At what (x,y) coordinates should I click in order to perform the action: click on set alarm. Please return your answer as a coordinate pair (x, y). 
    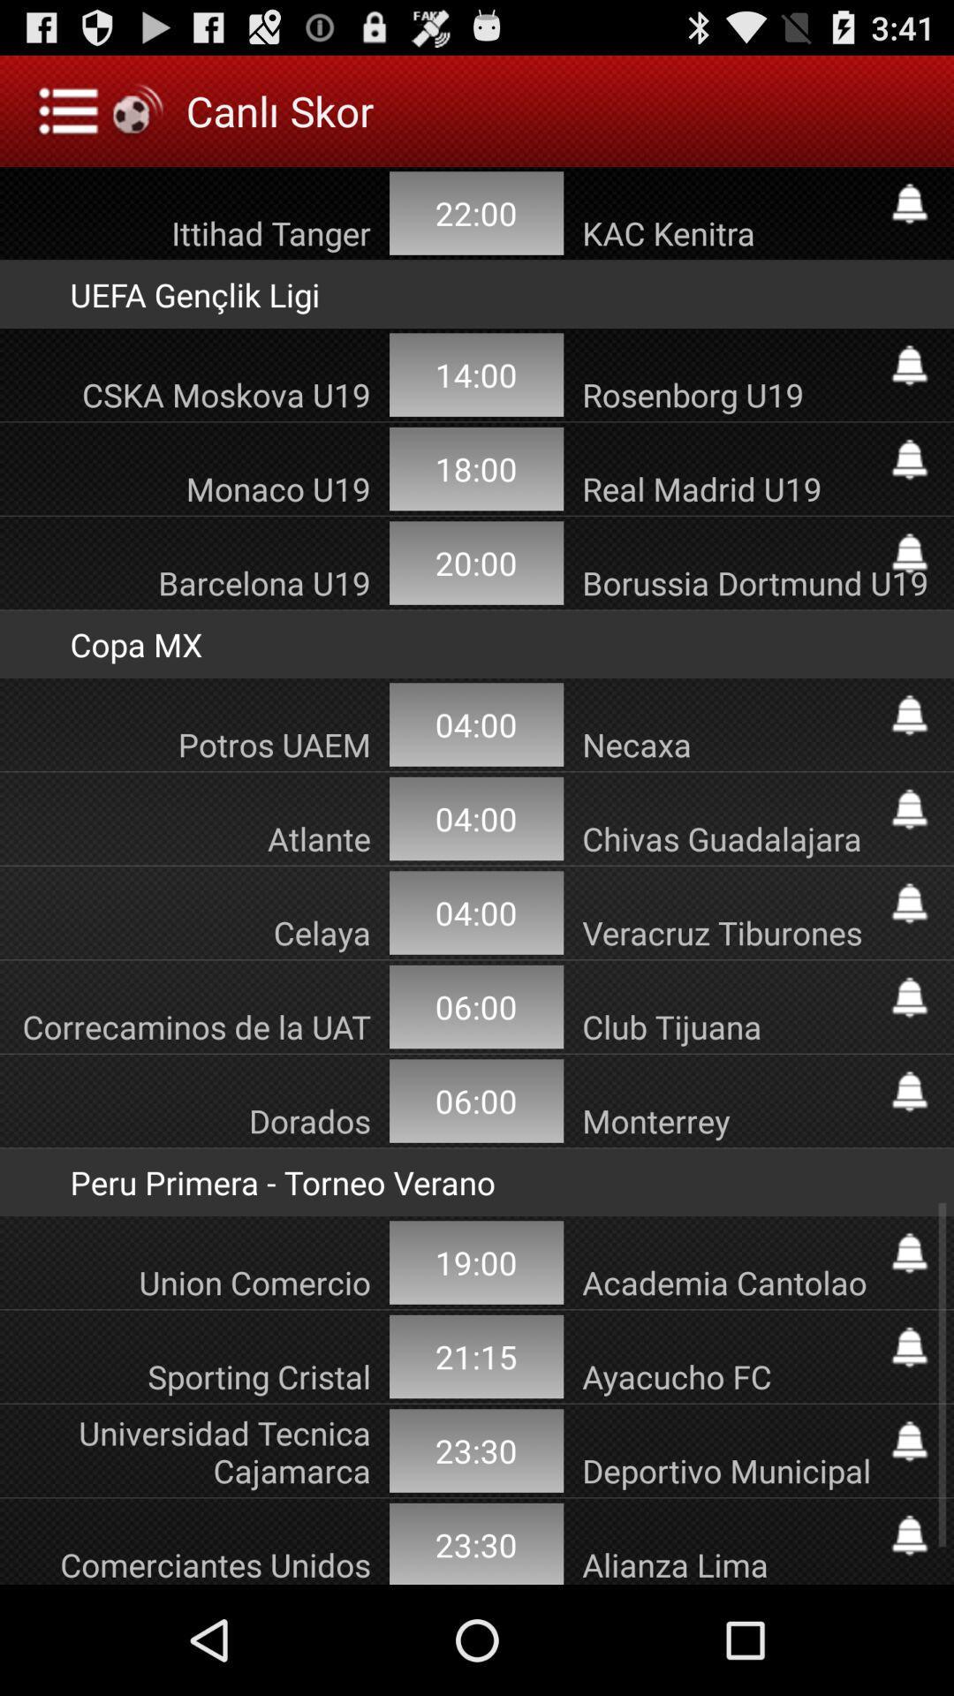
    Looking at the image, I should click on (909, 715).